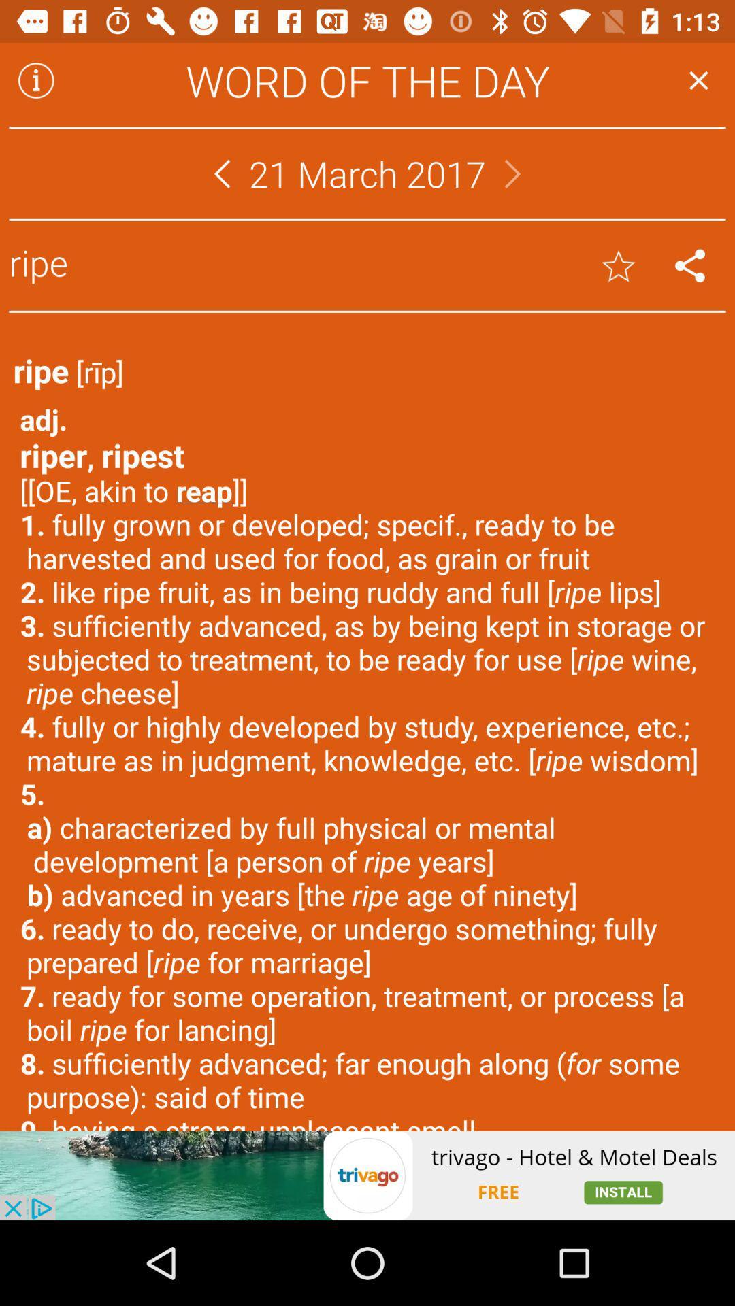 The width and height of the screenshot is (735, 1306). I want to click on next user, so click(512, 173).